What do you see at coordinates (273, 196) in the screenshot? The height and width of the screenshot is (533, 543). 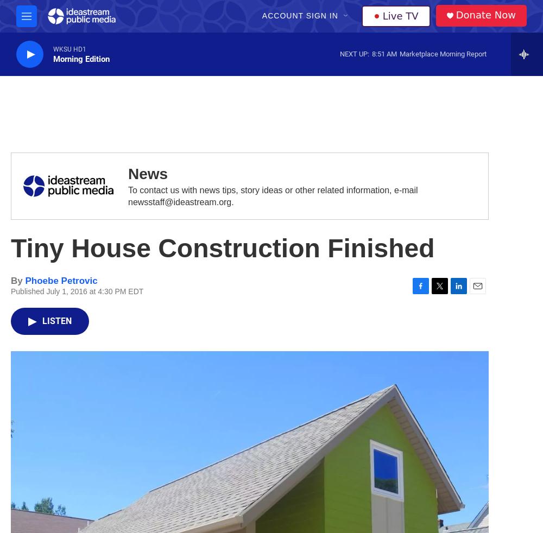 I see `'To contact us with news tips, story ideas or other related information, e-mail newsstaff@ideastream.org.'` at bounding box center [273, 196].